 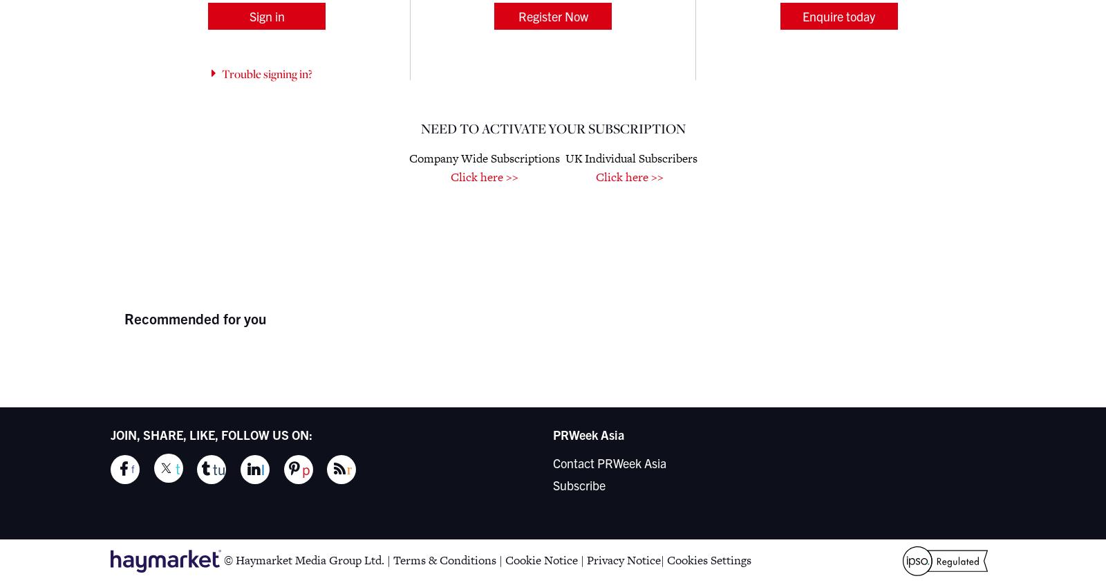 What do you see at coordinates (552, 15) in the screenshot?
I see `'Register Now'` at bounding box center [552, 15].